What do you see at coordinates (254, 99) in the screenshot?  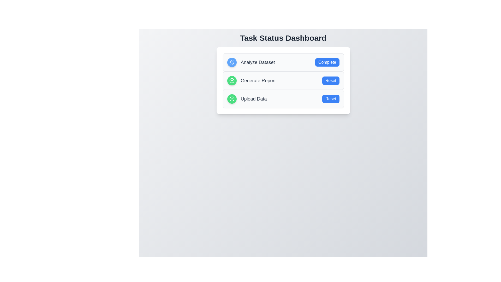 I see `the 'Upload Data' text label, which is located in the third row of a vertically stacked list of elements, aligned left, next to a green circular icon with a checkmark and a blue 'Reset' button` at bounding box center [254, 99].